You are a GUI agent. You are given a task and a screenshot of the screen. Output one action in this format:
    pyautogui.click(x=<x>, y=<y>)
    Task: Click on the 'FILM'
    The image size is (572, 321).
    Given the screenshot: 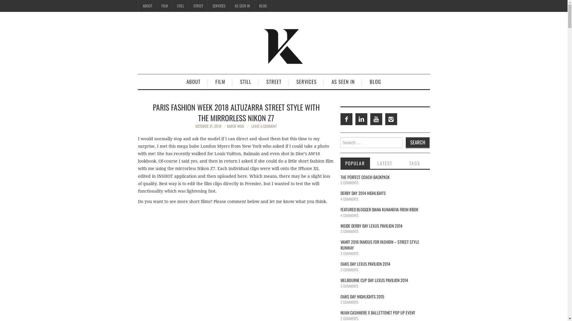 What is the action you would take?
    pyautogui.click(x=157, y=6)
    